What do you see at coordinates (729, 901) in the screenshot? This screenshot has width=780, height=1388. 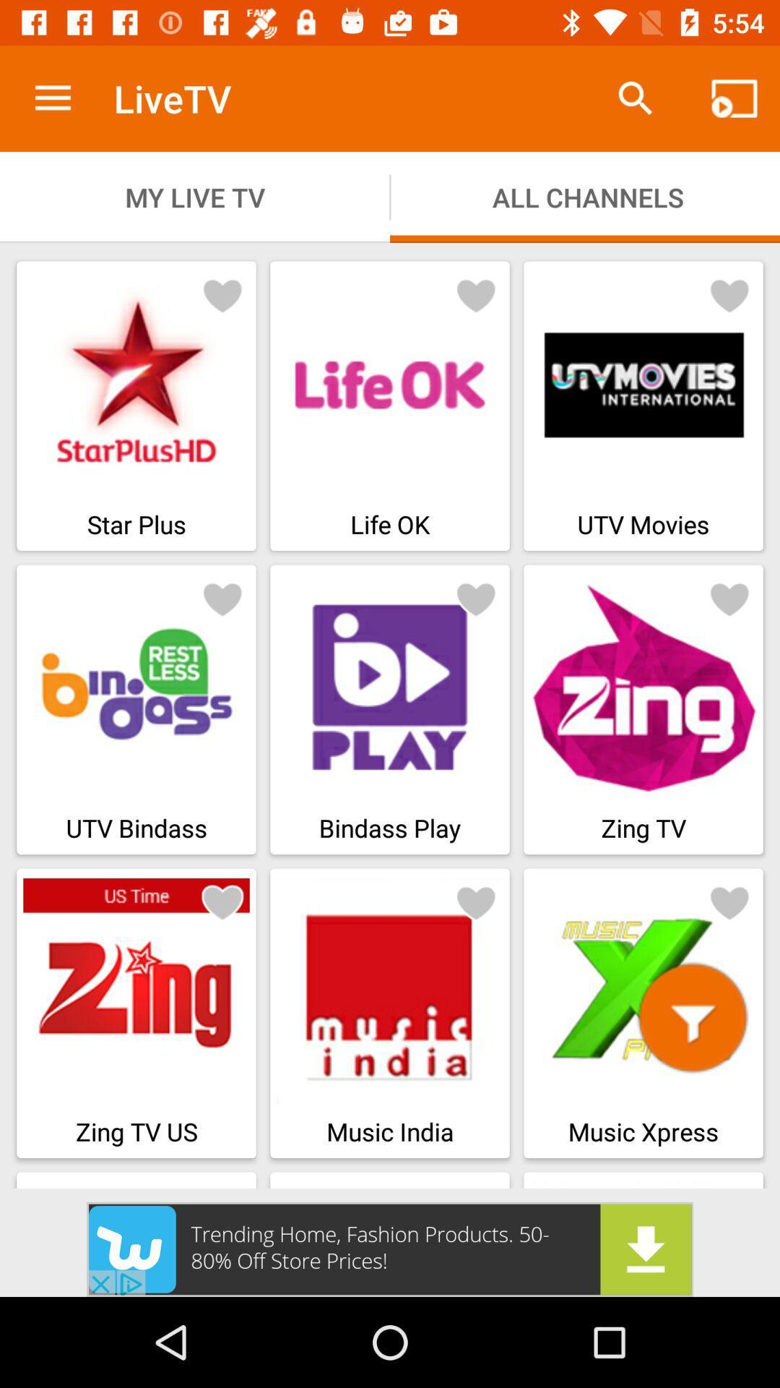 I see `like button` at bounding box center [729, 901].